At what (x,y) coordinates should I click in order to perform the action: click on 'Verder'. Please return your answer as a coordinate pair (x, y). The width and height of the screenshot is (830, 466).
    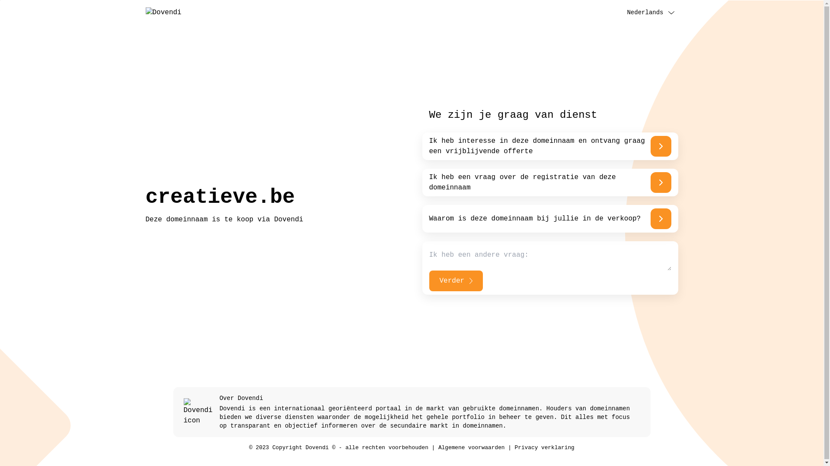
    Looking at the image, I should click on (455, 281).